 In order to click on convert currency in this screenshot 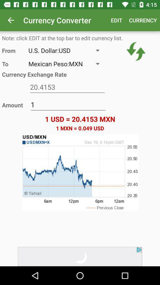, I will do `click(136, 51)`.